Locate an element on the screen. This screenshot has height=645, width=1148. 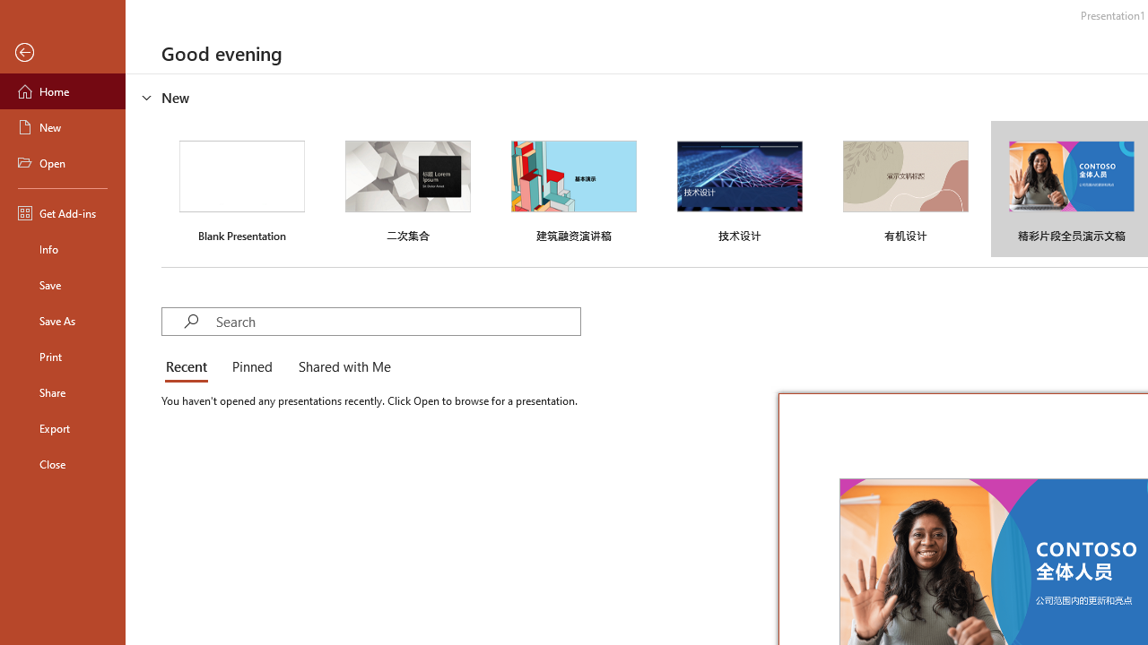
'Save As' is located at coordinates (62, 319).